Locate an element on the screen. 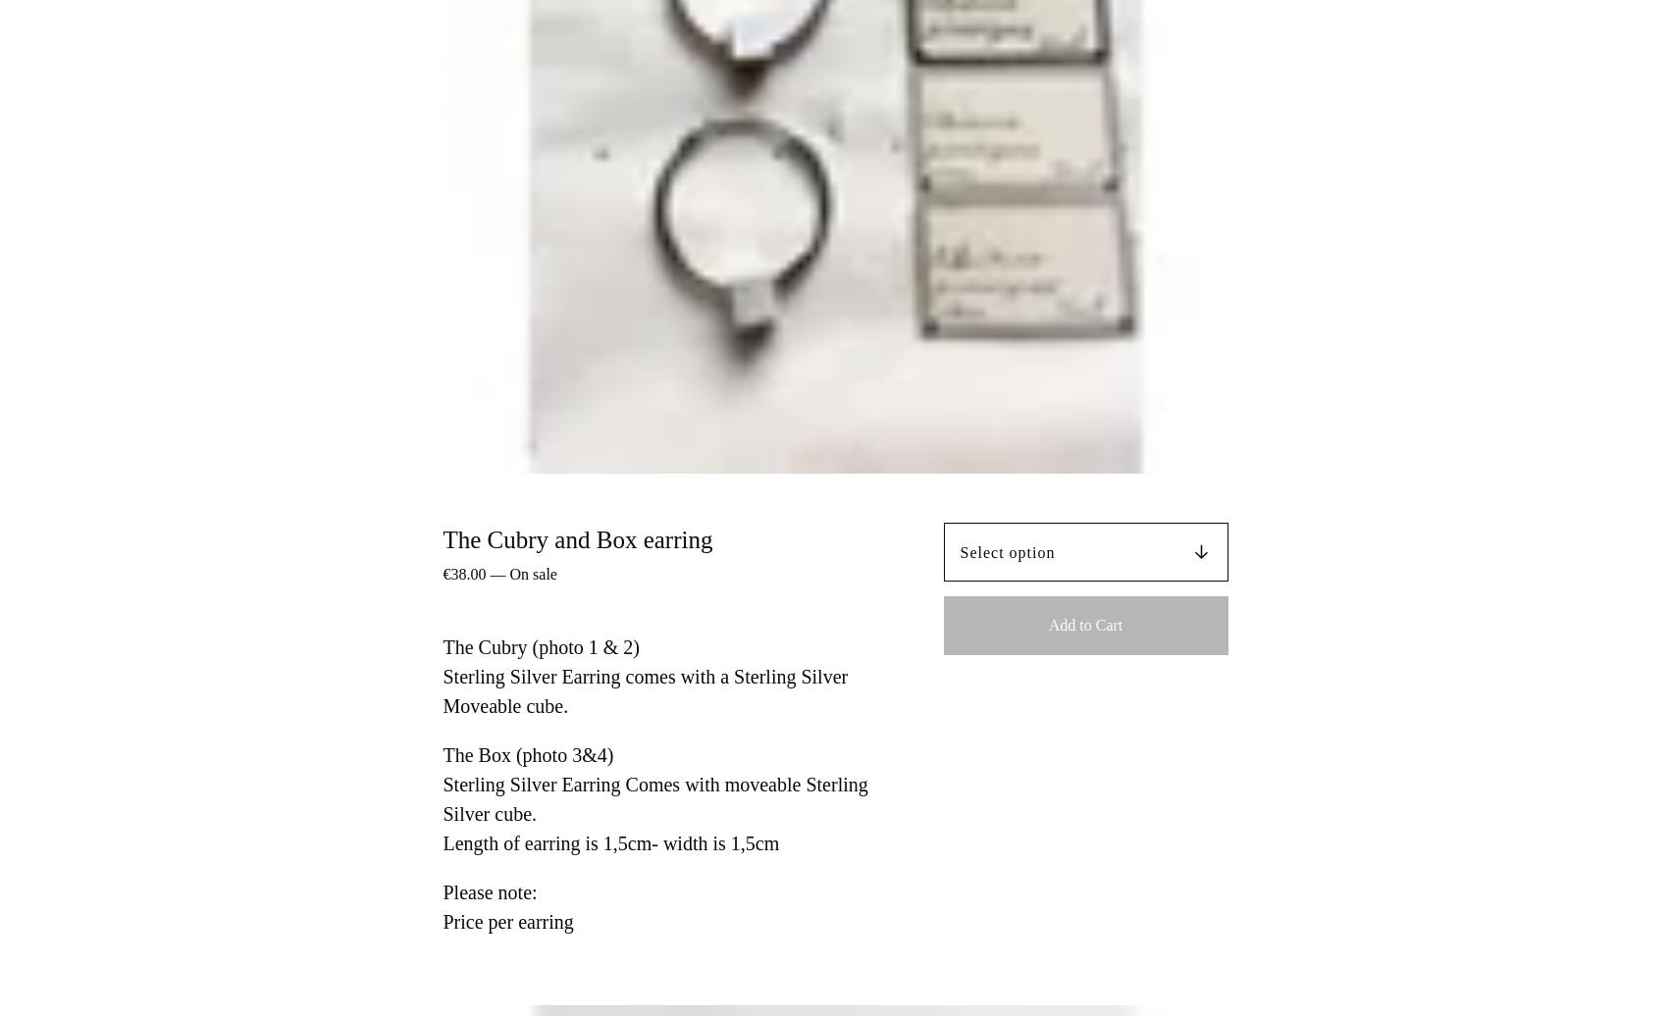  'The Box (photo 3&4)' is located at coordinates (442, 754).